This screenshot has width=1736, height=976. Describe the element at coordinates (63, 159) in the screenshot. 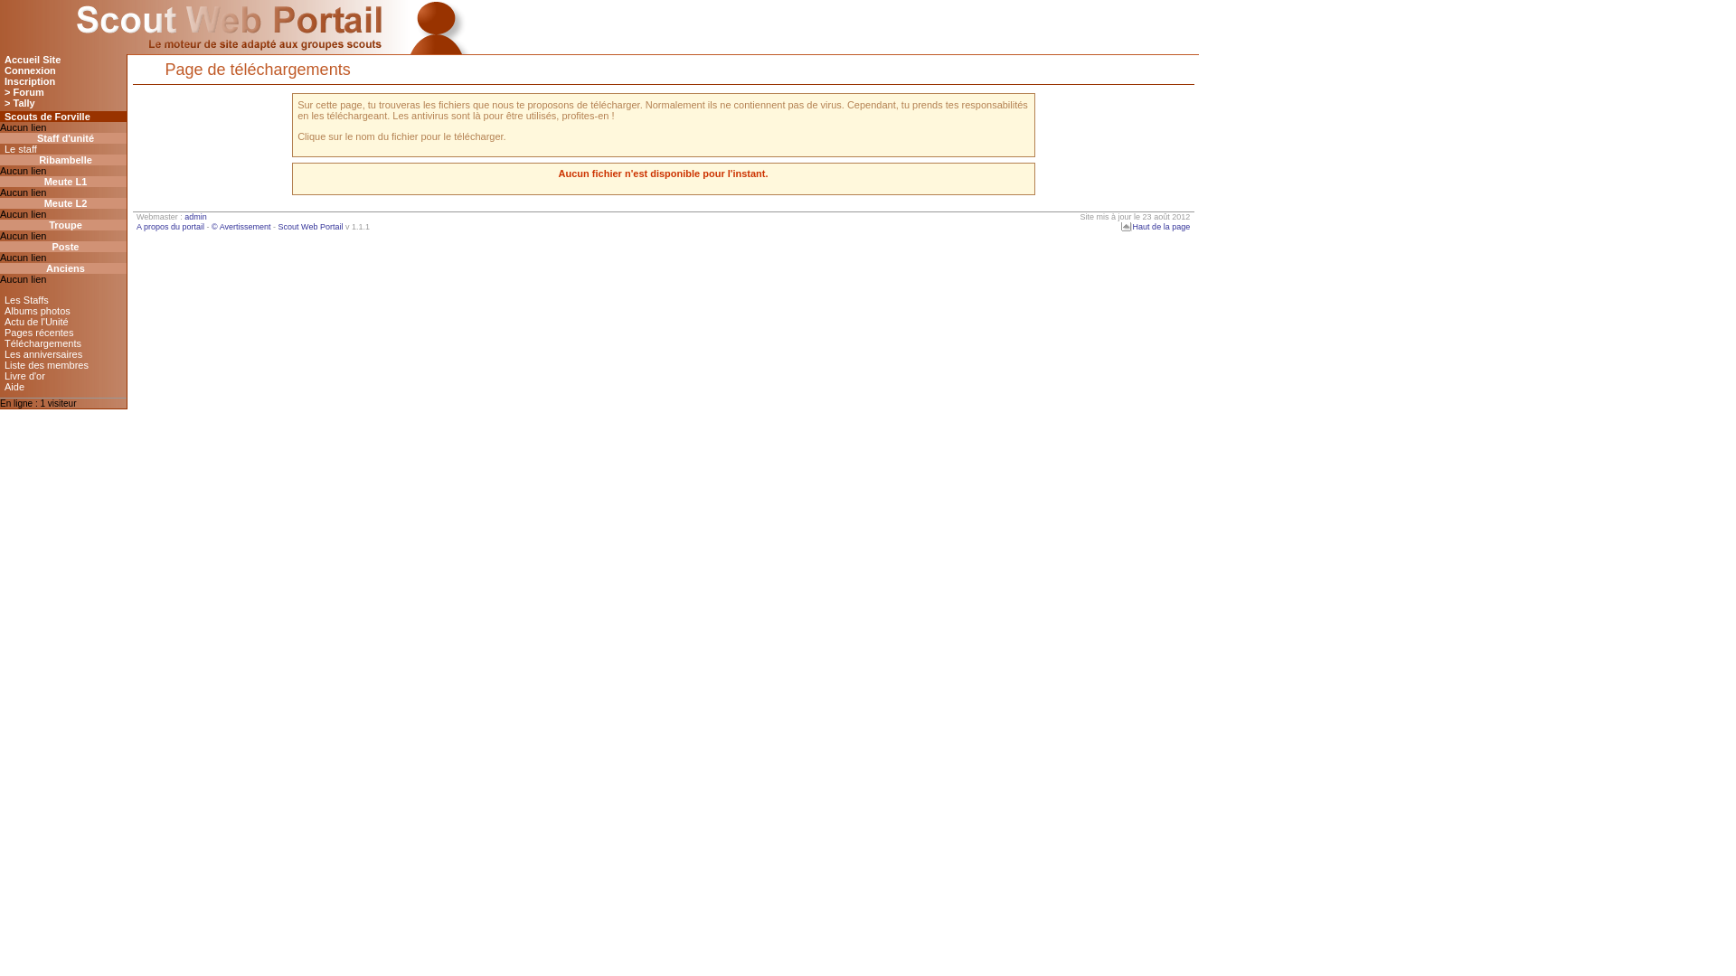

I see `'Ribambelle'` at that location.